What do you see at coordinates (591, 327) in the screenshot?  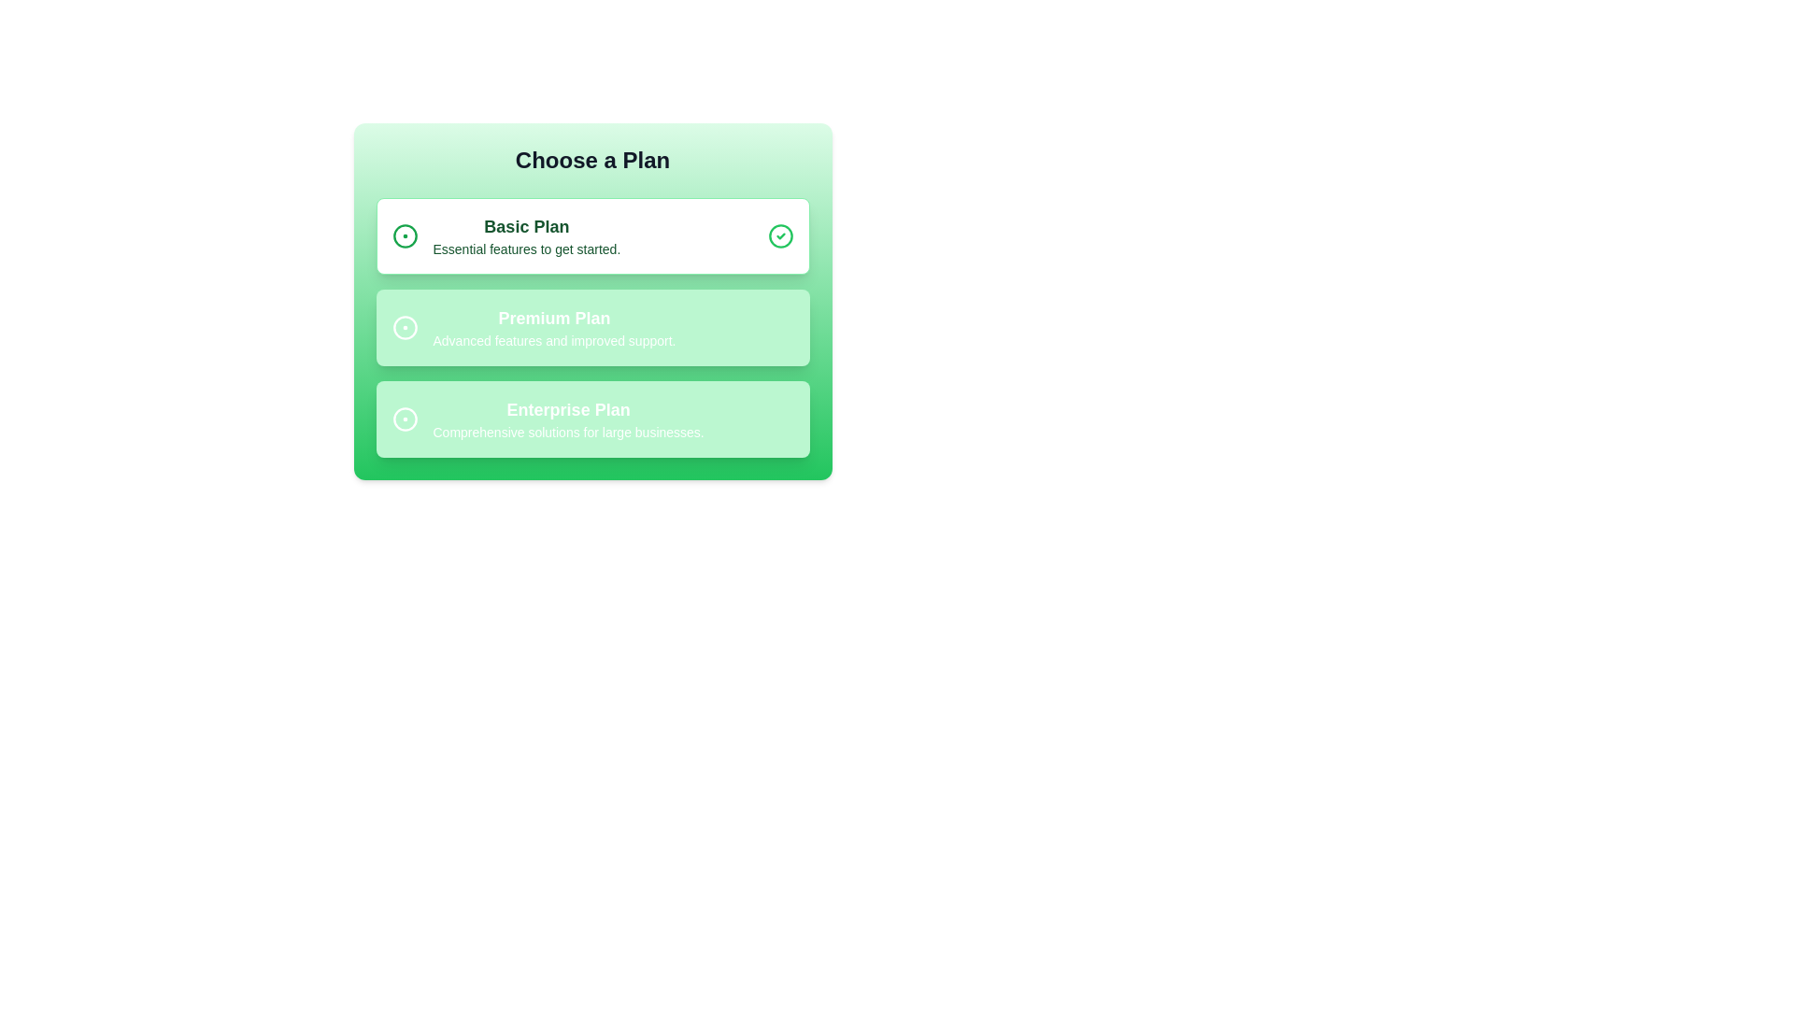 I see `an option in the selection menu located below the text 'Choose a Plan'` at bounding box center [591, 327].